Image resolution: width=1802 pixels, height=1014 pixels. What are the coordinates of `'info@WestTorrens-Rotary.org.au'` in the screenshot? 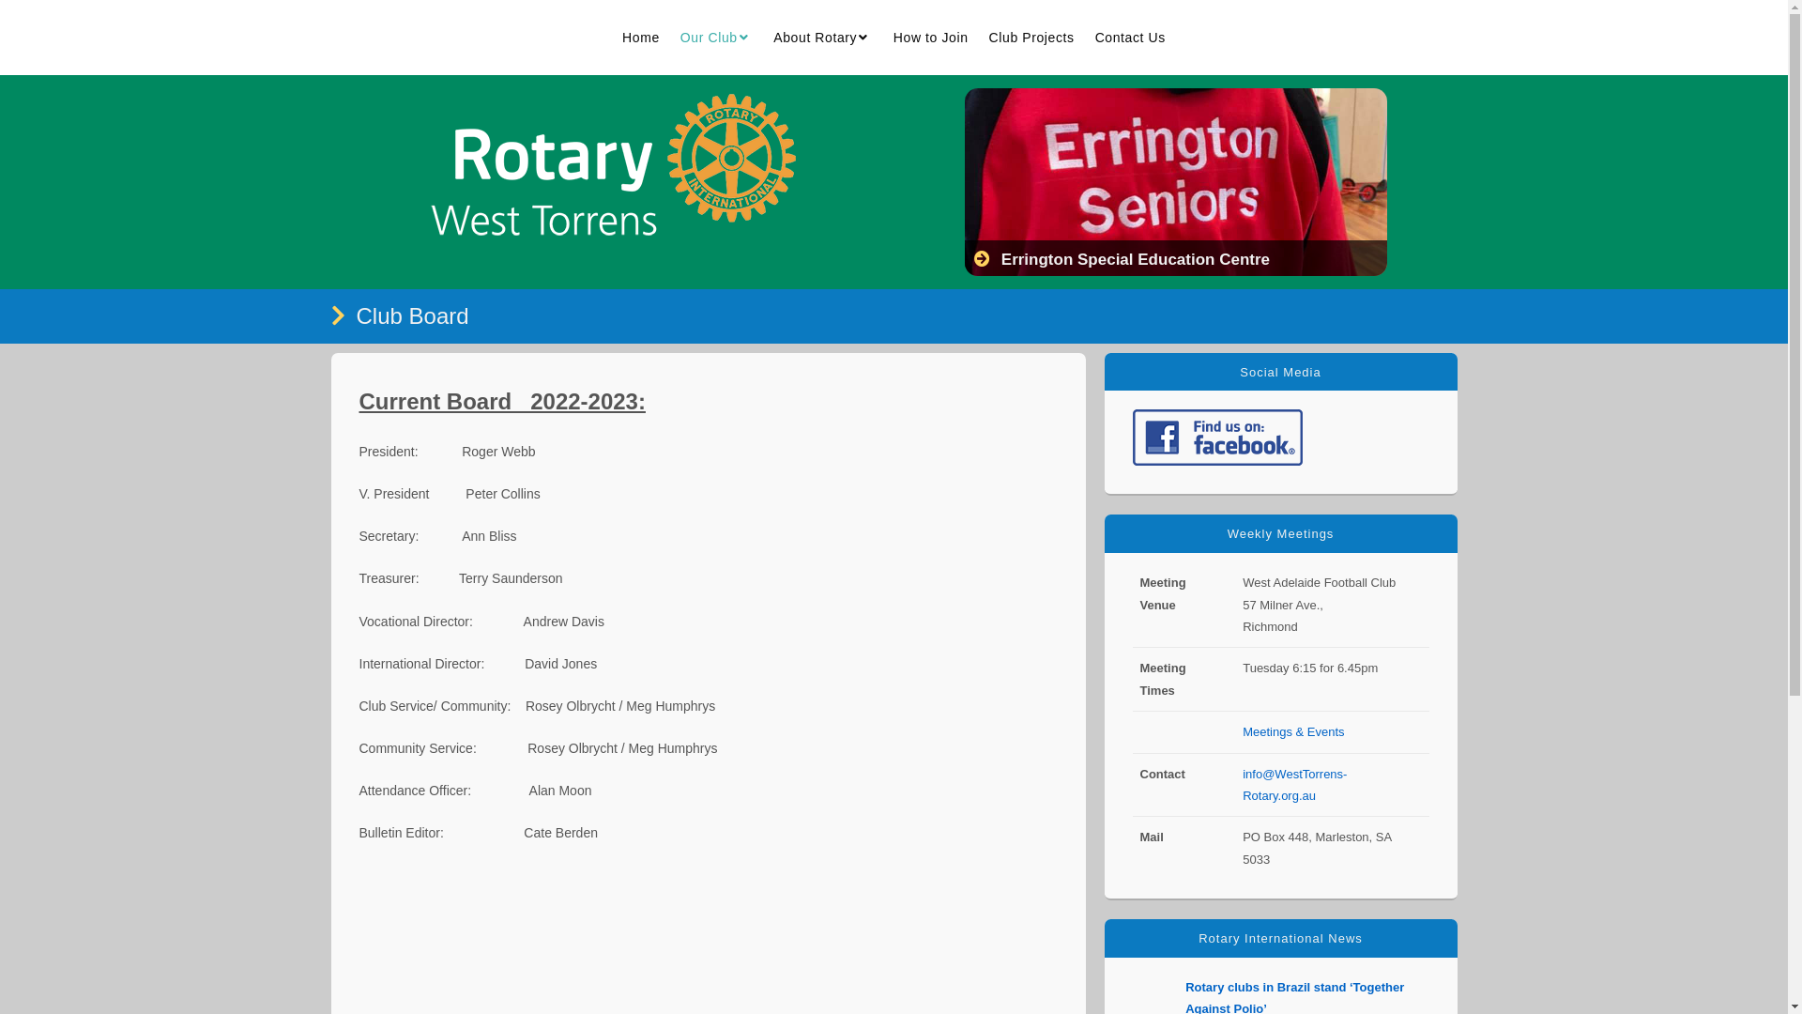 It's located at (1293, 785).